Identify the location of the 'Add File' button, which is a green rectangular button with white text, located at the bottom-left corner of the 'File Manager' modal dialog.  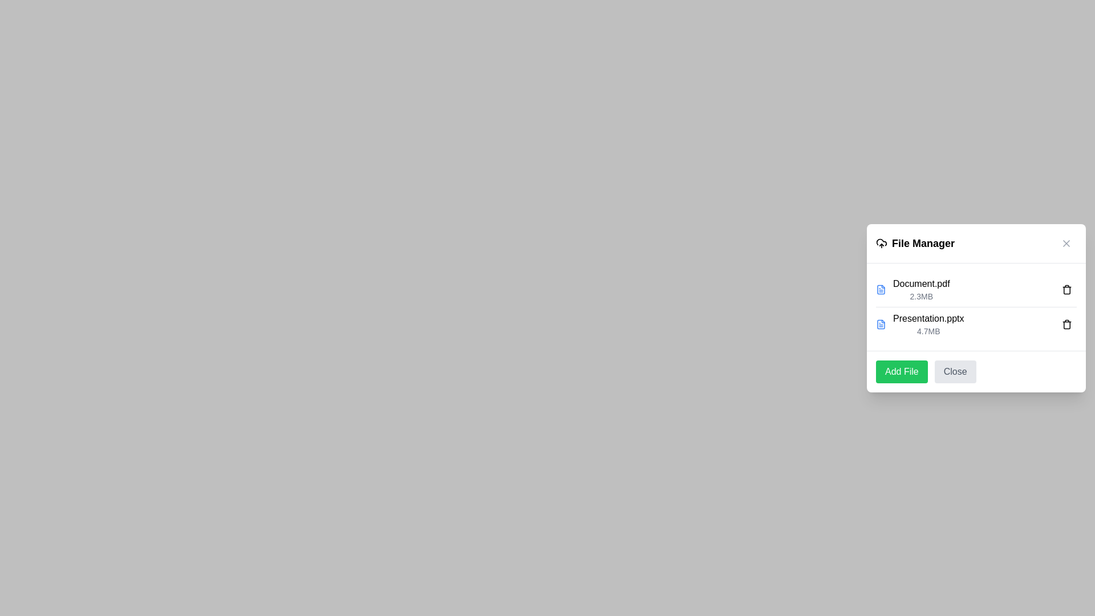
(901, 371).